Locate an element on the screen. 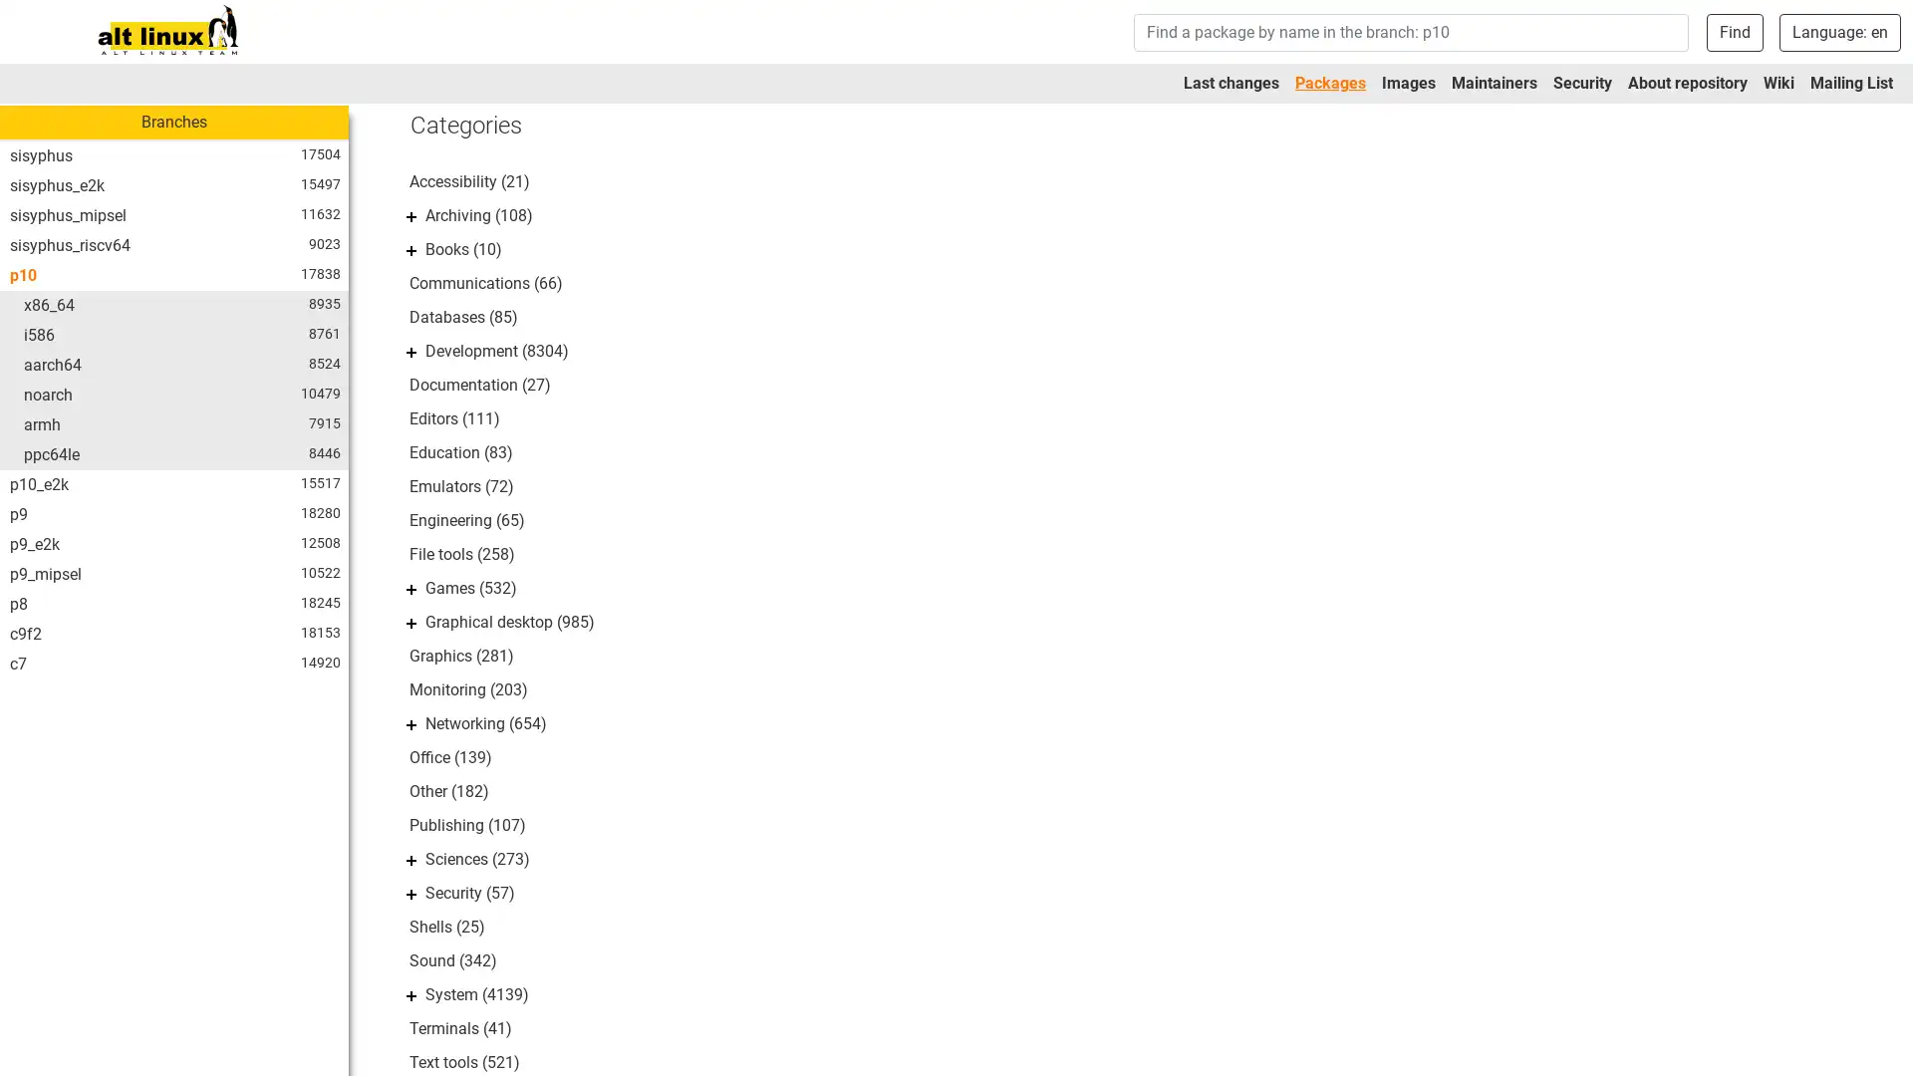 Image resolution: width=1913 pixels, height=1076 pixels. Language: en is located at coordinates (1839, 31).